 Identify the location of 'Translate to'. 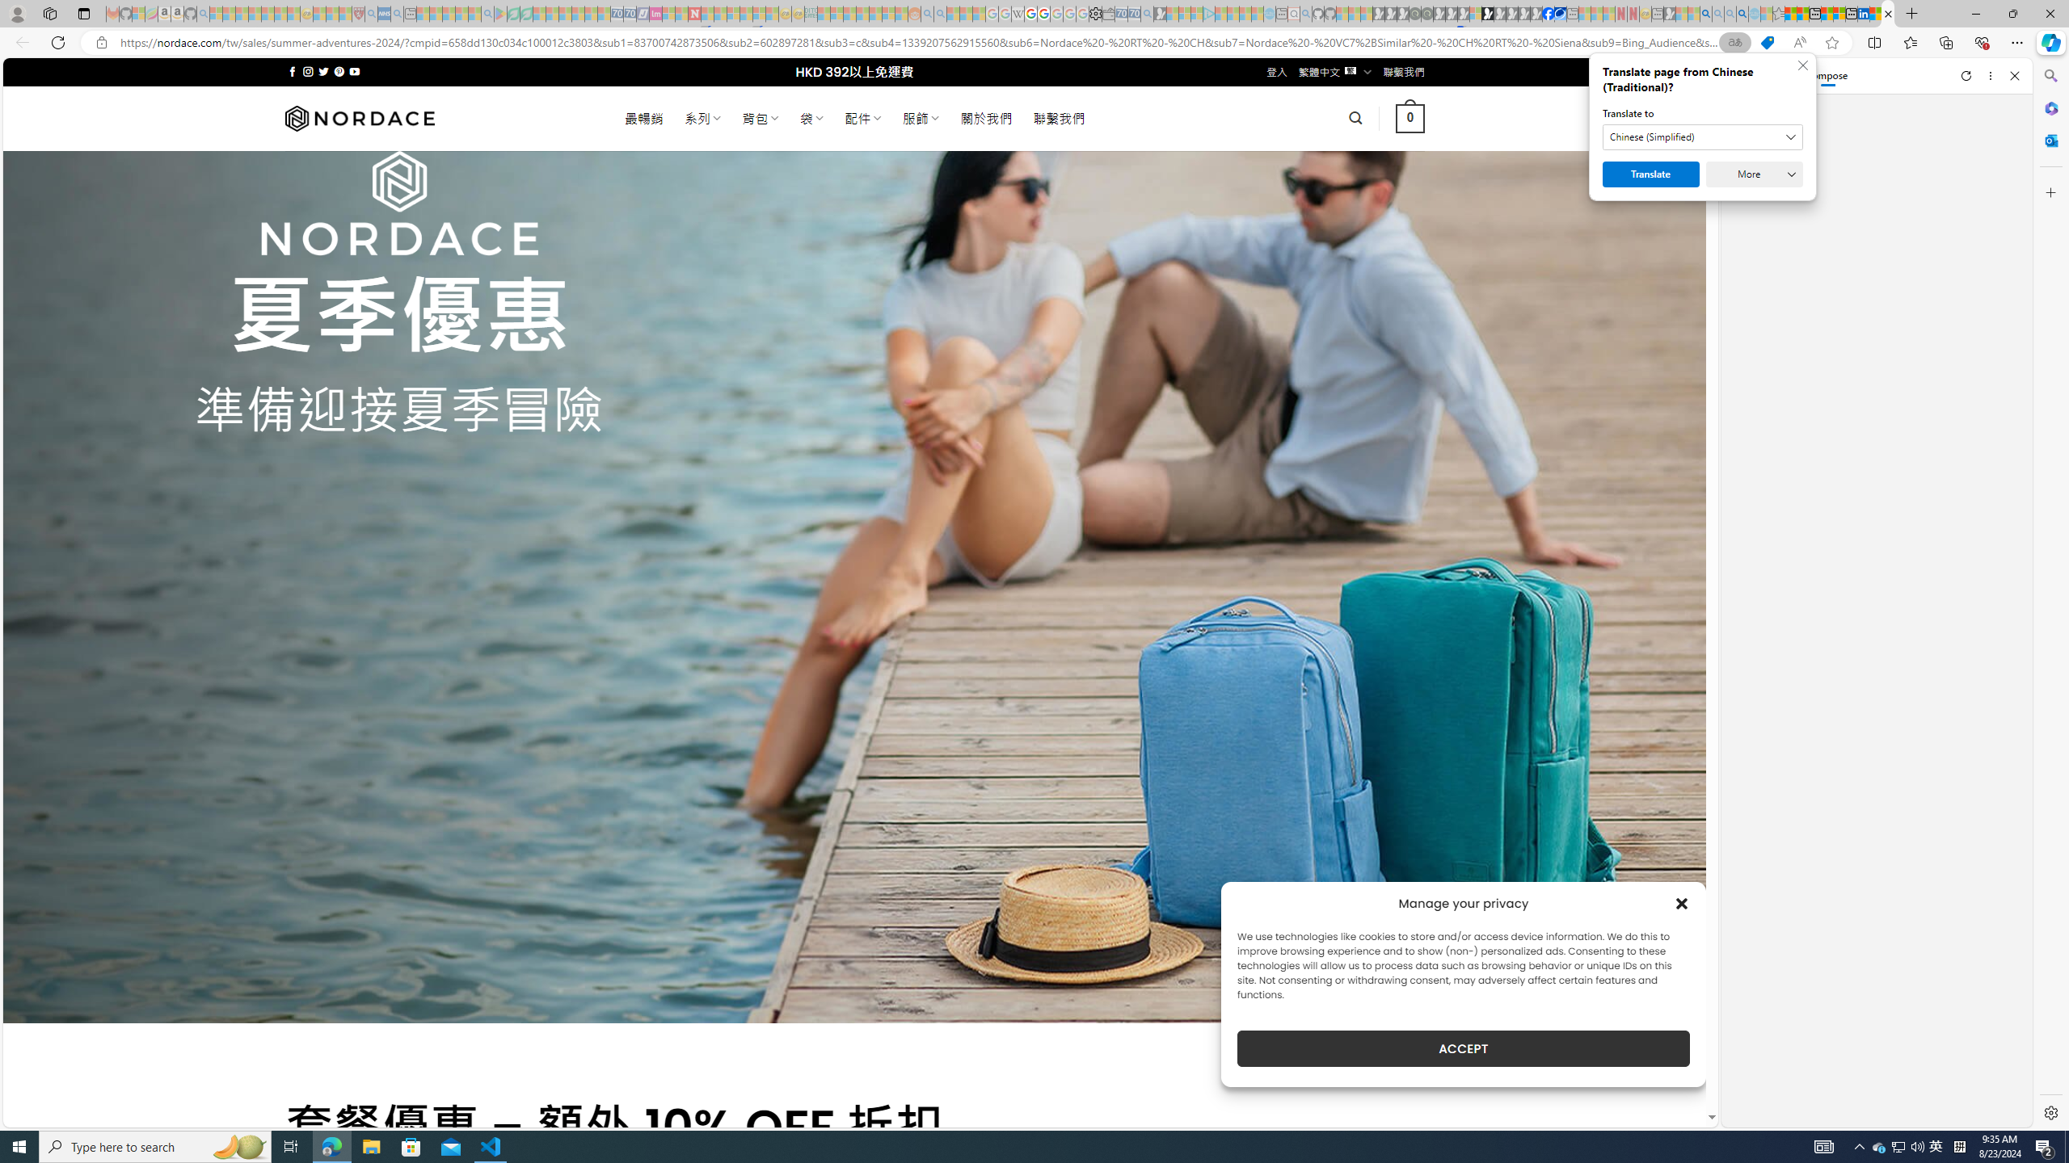
(1702, 136).